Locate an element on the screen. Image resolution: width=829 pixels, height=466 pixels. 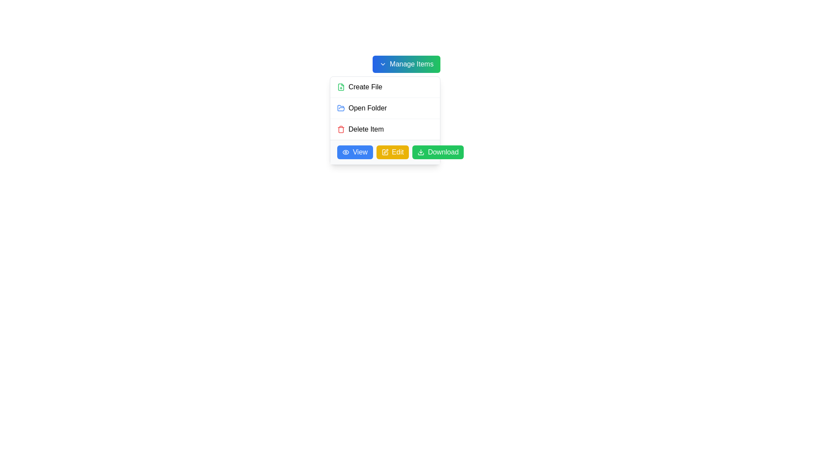
the 'View' button which contains the icon located at the leftmost position to initiate the associated action is located at coordinates (346, 152).